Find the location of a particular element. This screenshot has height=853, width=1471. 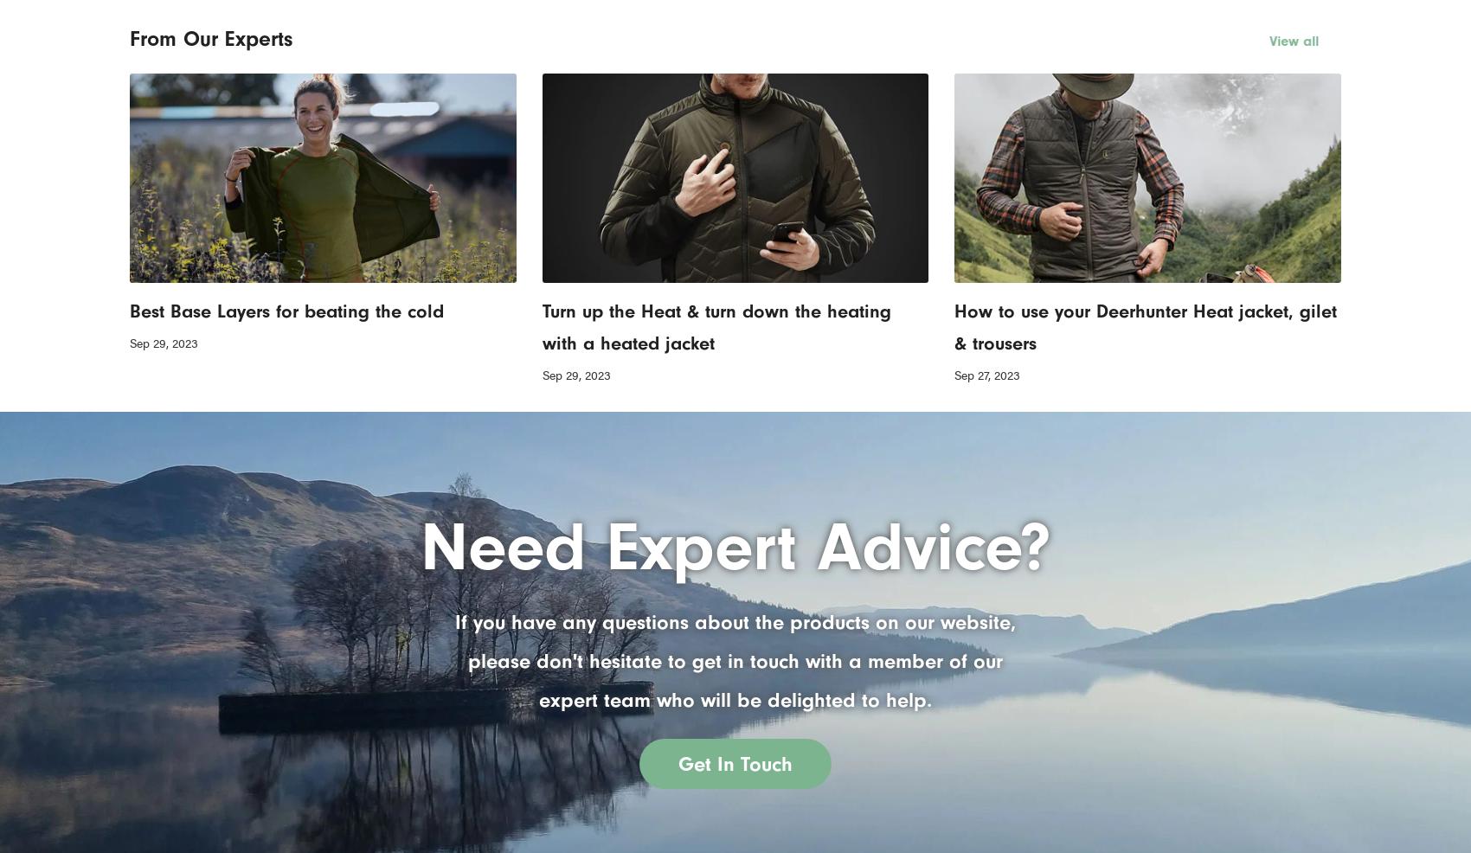

'View all' is located at coordinates (1318, 41).